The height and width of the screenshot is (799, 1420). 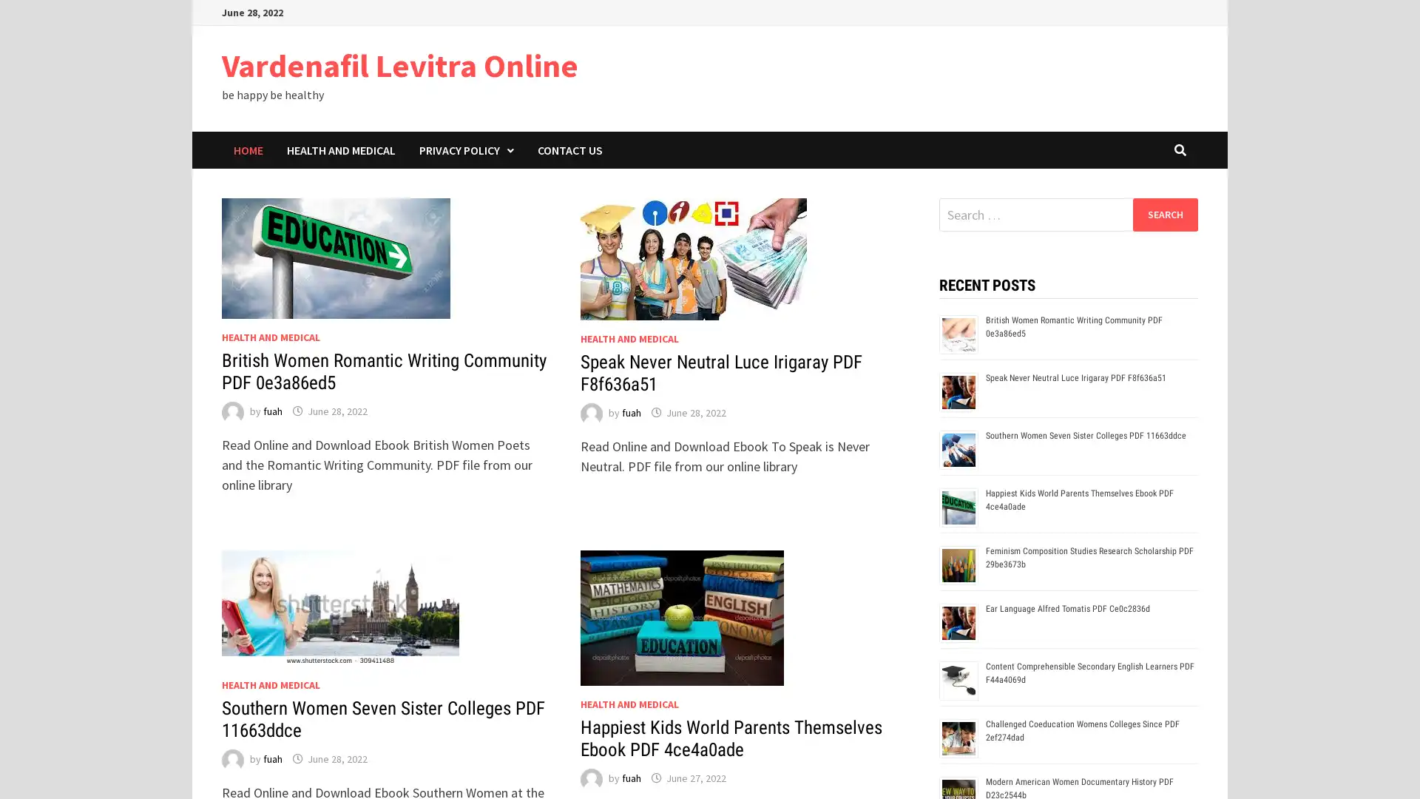 What do you see at coordinates (1164, 214) in the screenshot?
I see `Search` at bounding box center [1164, 214].